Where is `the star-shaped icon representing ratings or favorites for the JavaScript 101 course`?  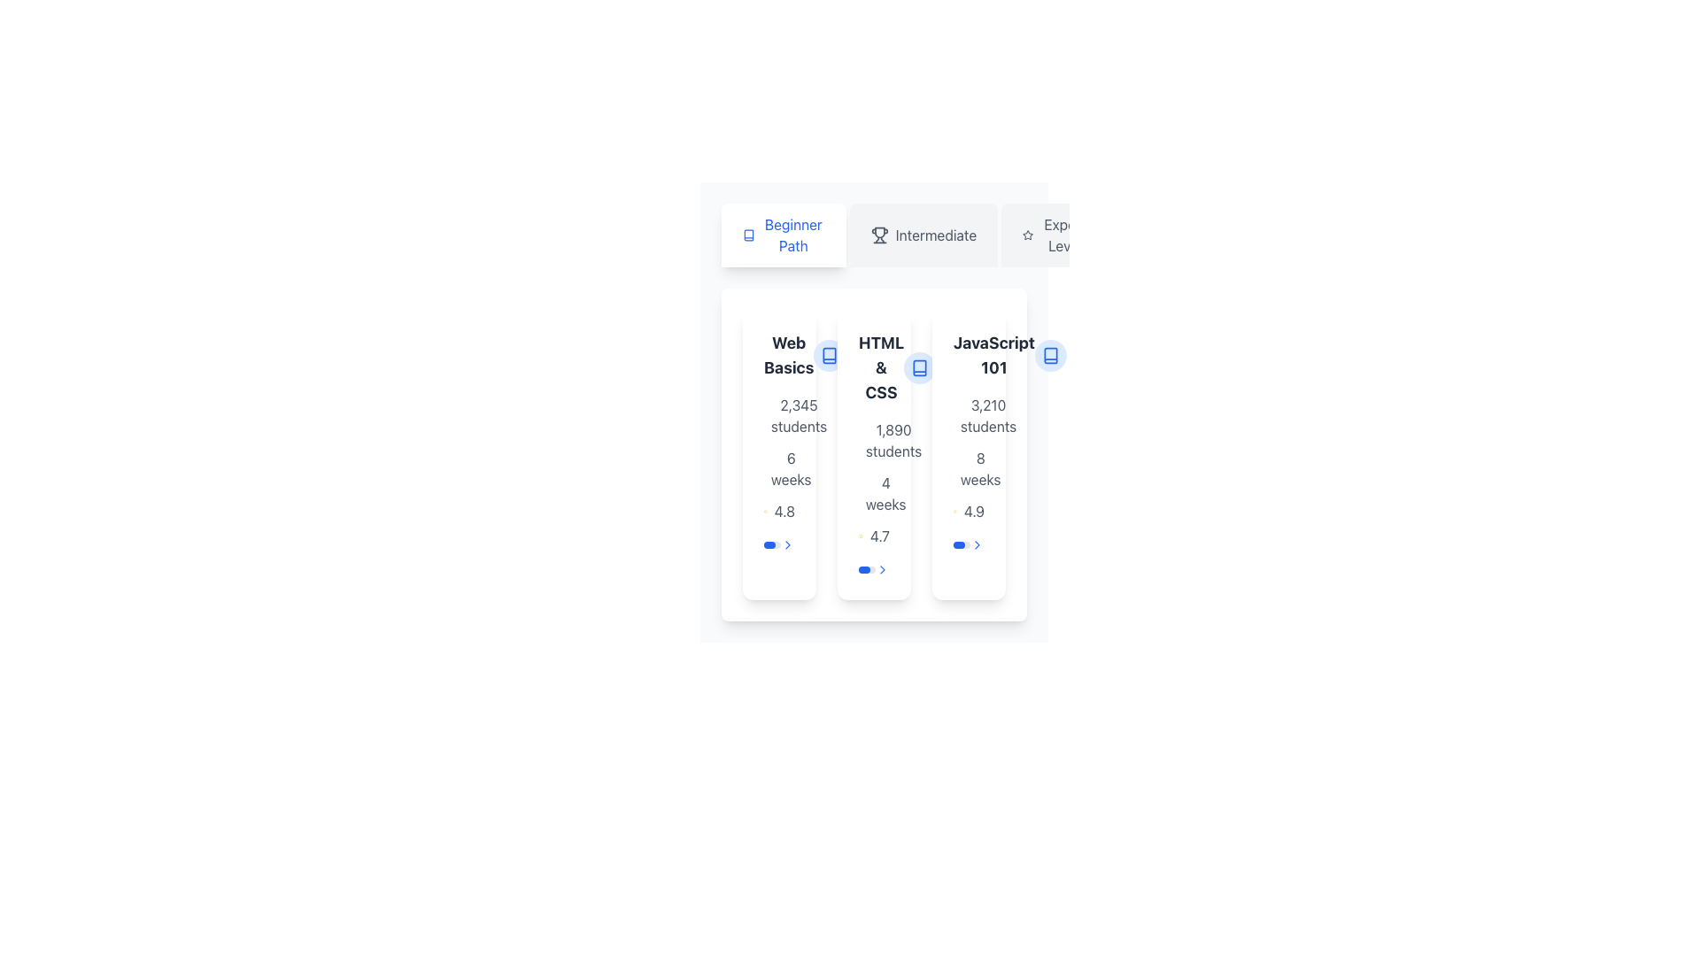 the star-shaped icon representing ratings or favorites for the JavaScript 101 course is located at coordinates (1028, 234).